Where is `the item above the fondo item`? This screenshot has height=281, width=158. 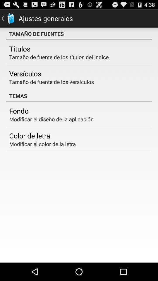 the item above the fondo item is located at coordinates (79, 96).